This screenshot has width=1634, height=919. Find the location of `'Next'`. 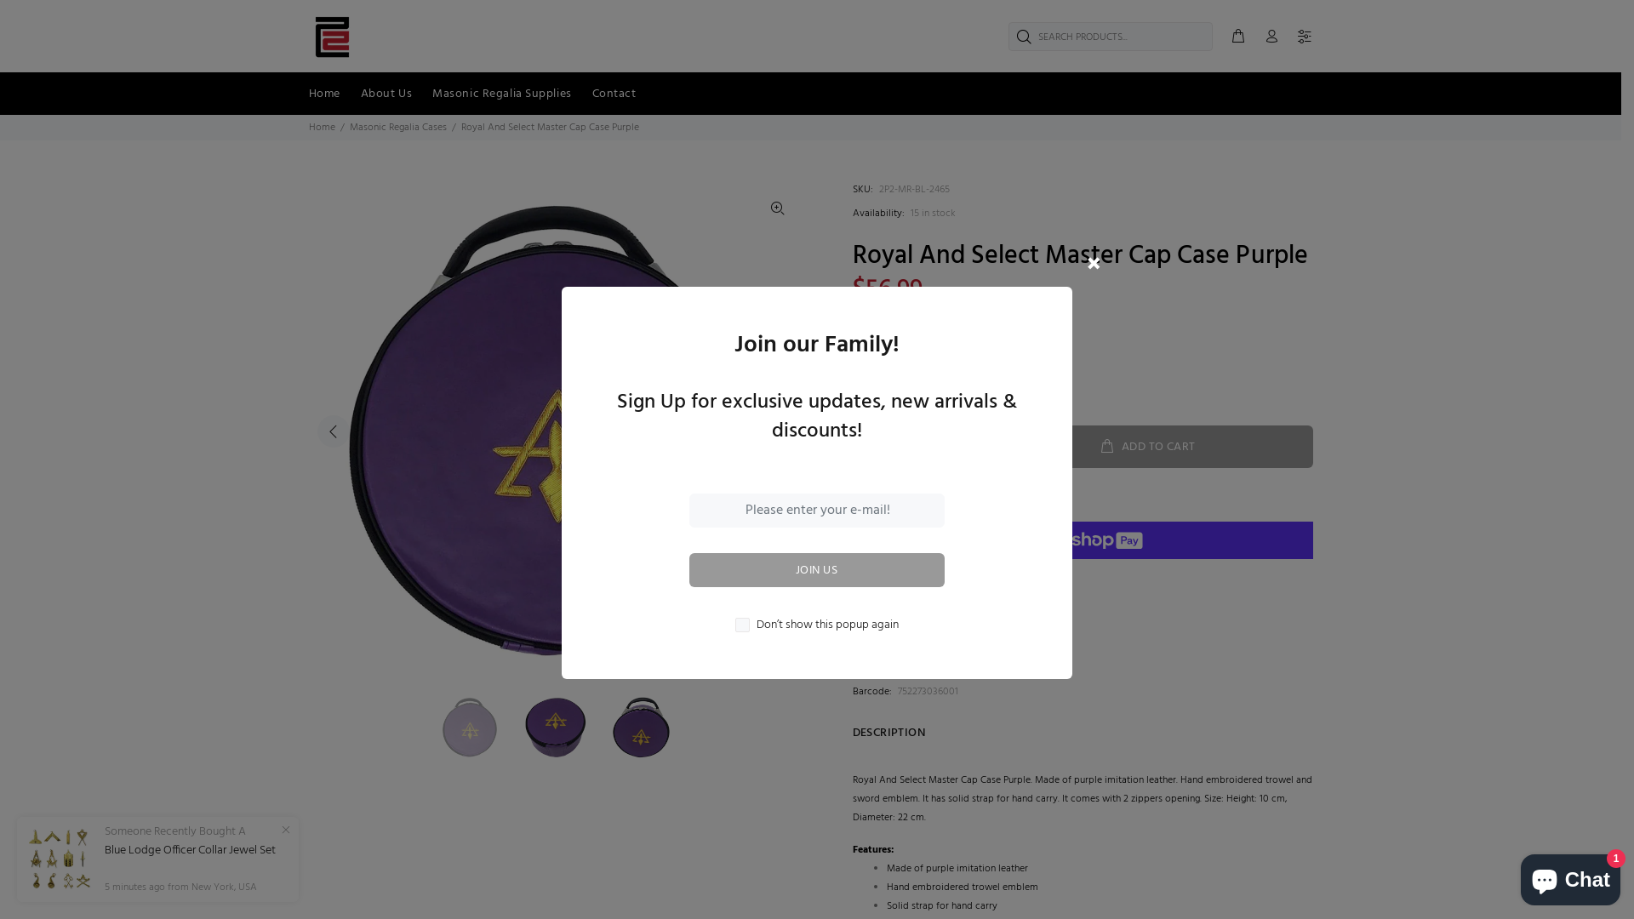

'Next' is located at coordinates (775, 430).